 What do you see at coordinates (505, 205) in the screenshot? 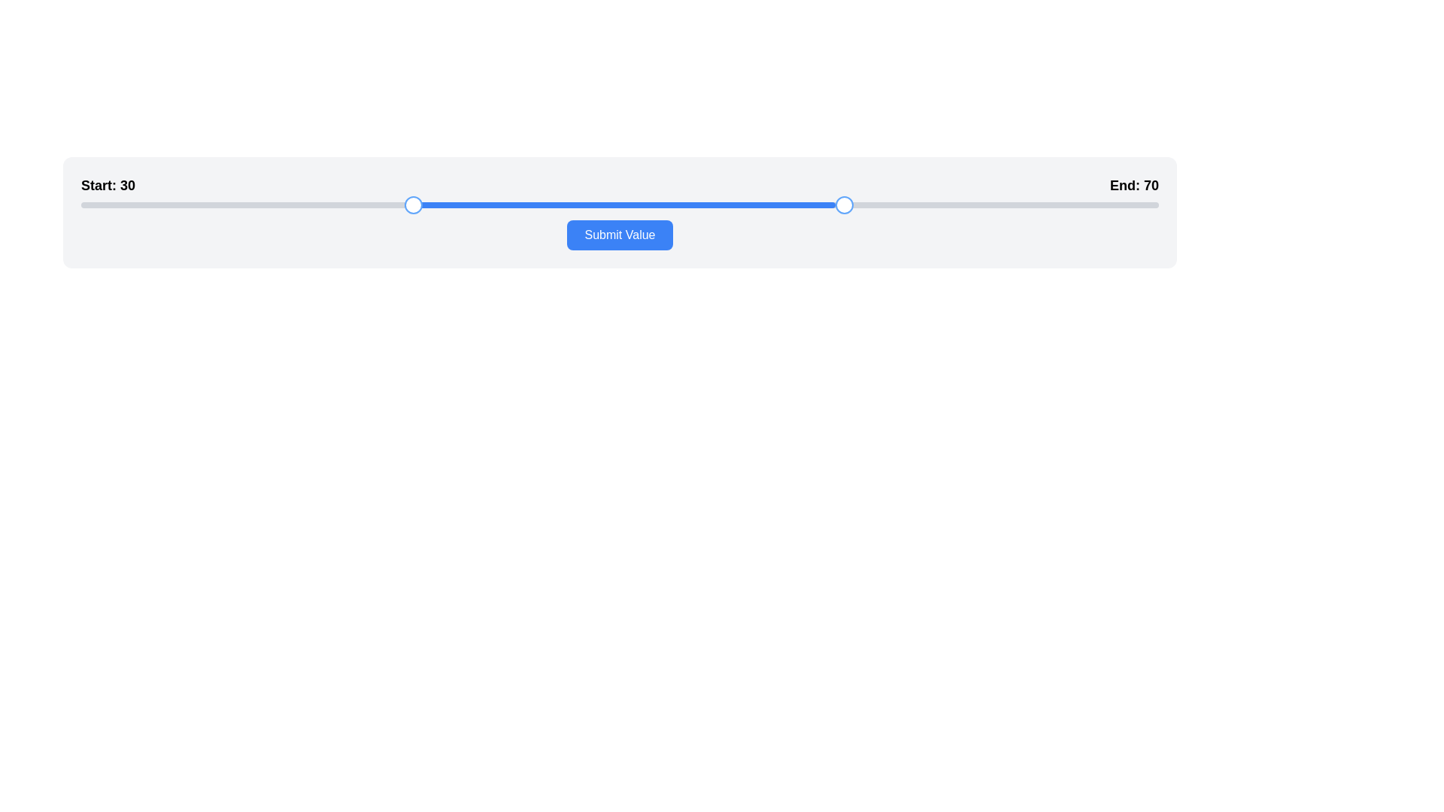
I see `the slider thumb` at bounding box center [505, 205].